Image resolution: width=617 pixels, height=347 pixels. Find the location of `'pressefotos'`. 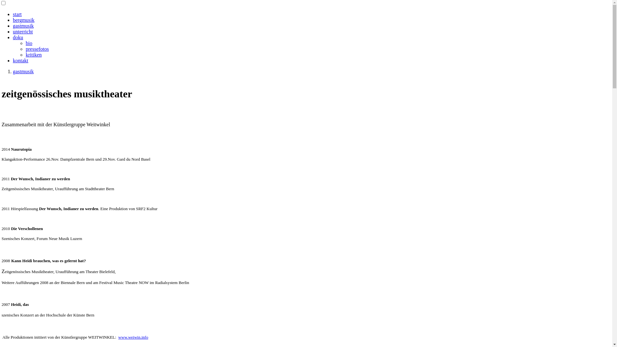

'pressefotos' is located at coordinates (26, 49).